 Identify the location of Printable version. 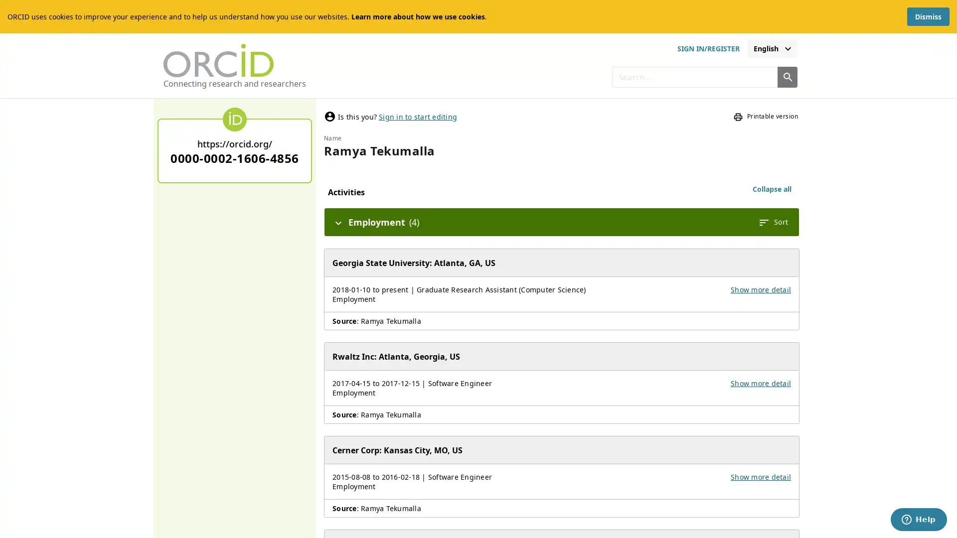
(765, 116).